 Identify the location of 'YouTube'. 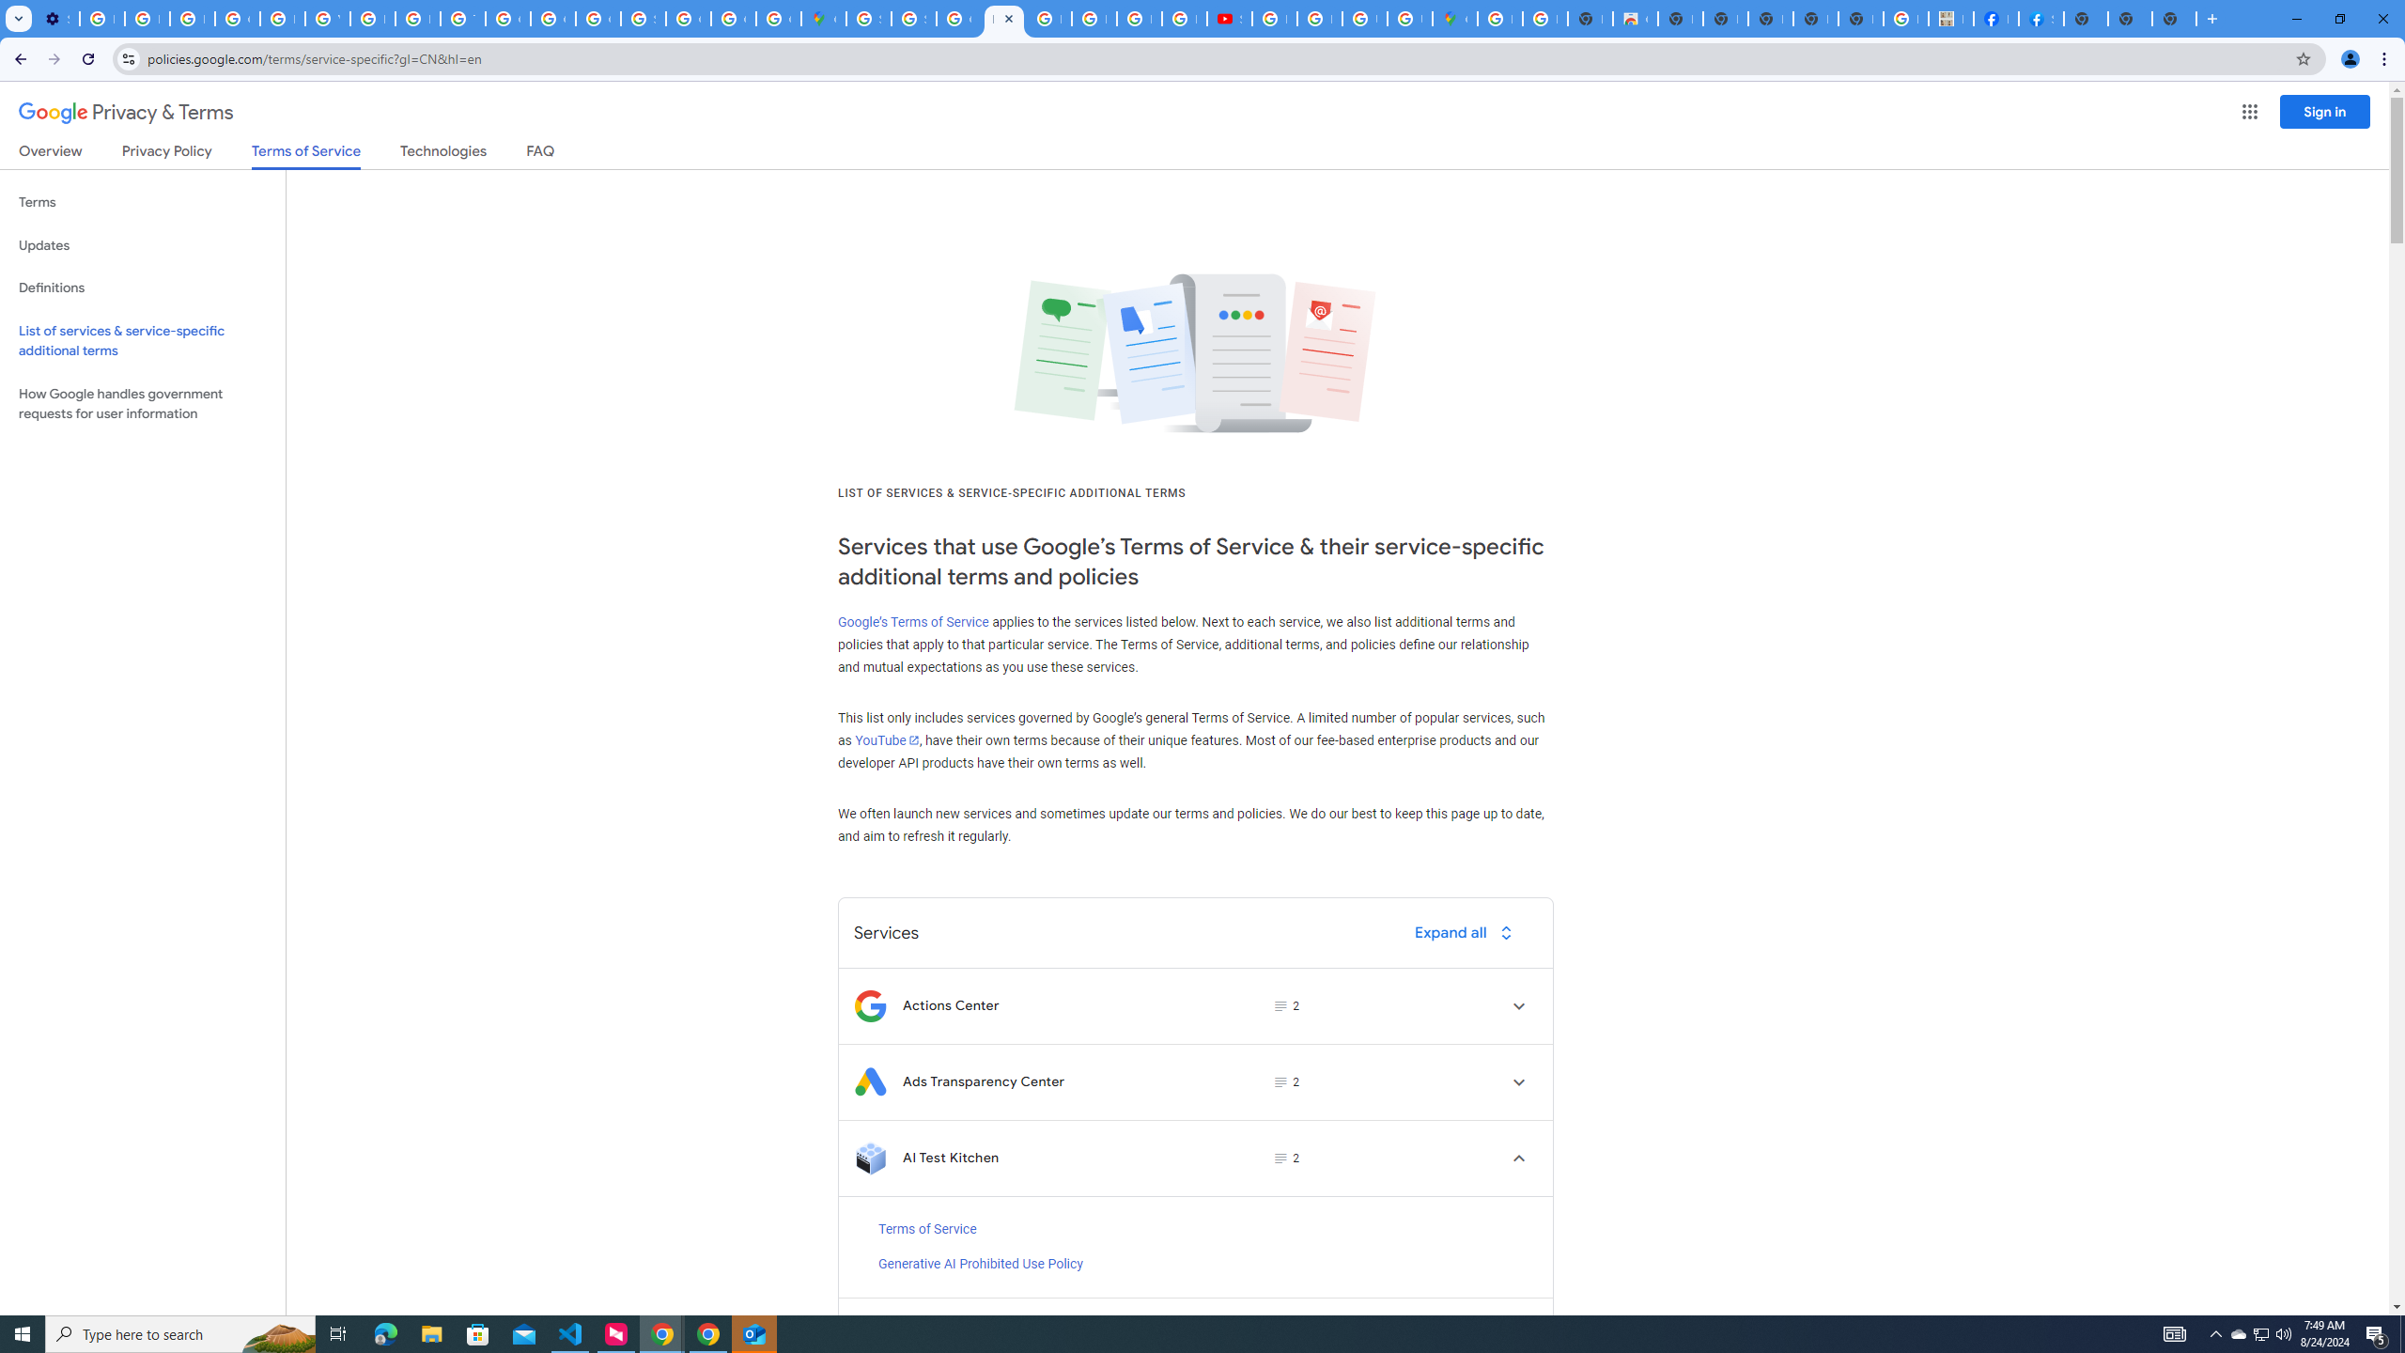
(885, 739).